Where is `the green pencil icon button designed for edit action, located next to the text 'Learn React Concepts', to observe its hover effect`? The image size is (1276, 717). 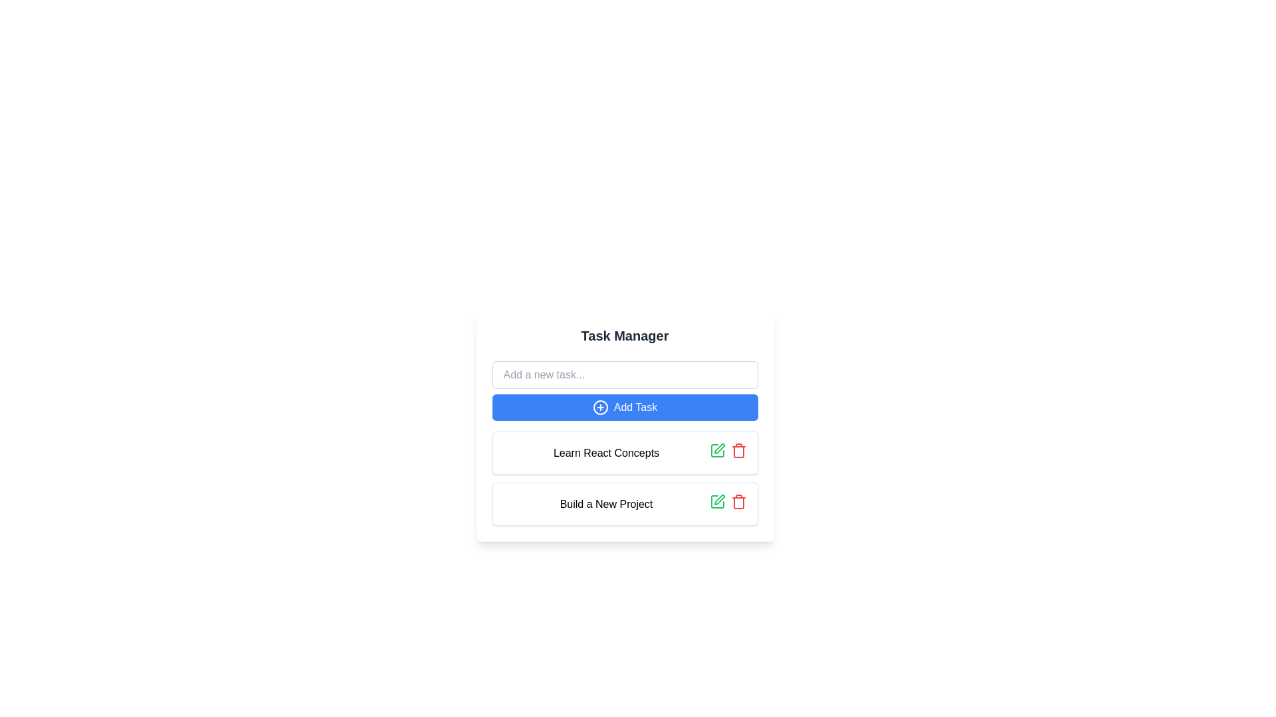 the green pencil icon button designed for edit action, located next to the text 'Learn React Concepts', to observe its hover effect is located at coordinates (716, 449).